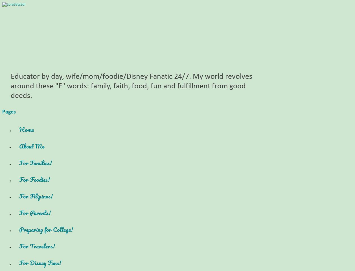 Image resolution: width=355 pixels, height=271 pixels. Describe the element at coordinates (46, 229) in the screenshot. I see `'Preparing for College!'` at that location.